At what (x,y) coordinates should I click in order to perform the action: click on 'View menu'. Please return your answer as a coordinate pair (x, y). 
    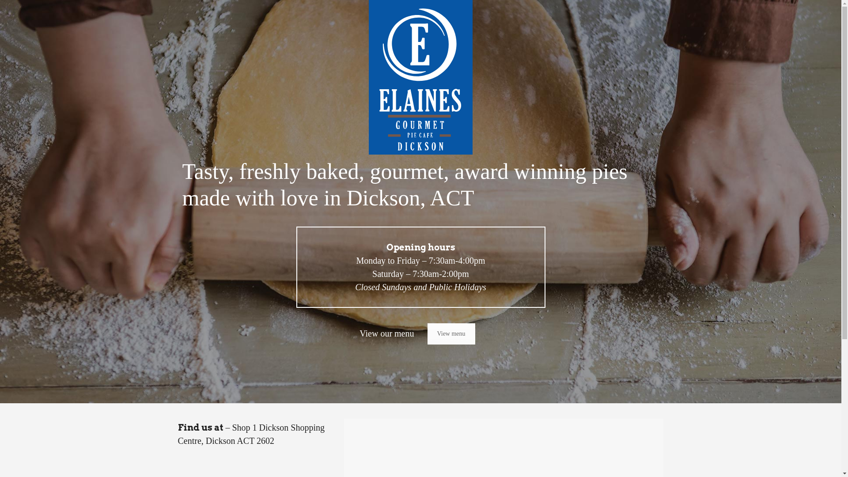
    Looking at the image, I should click on (428, 334).